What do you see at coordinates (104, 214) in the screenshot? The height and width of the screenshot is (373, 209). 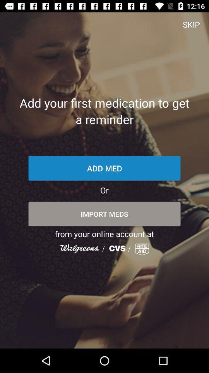 I see `item above from your online` at bounding box center [104, 214].